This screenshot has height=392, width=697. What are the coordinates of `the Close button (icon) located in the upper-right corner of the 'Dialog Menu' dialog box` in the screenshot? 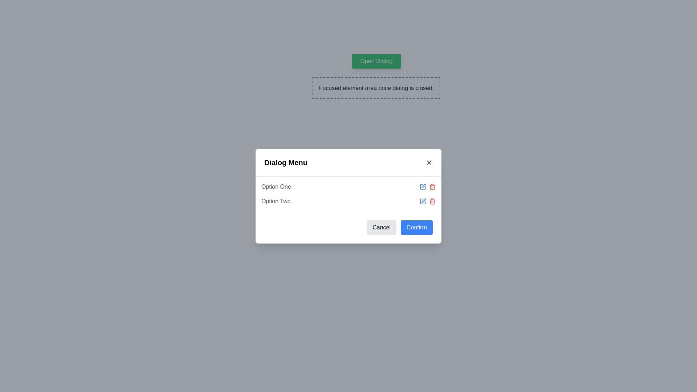 It's located at (429, 162).